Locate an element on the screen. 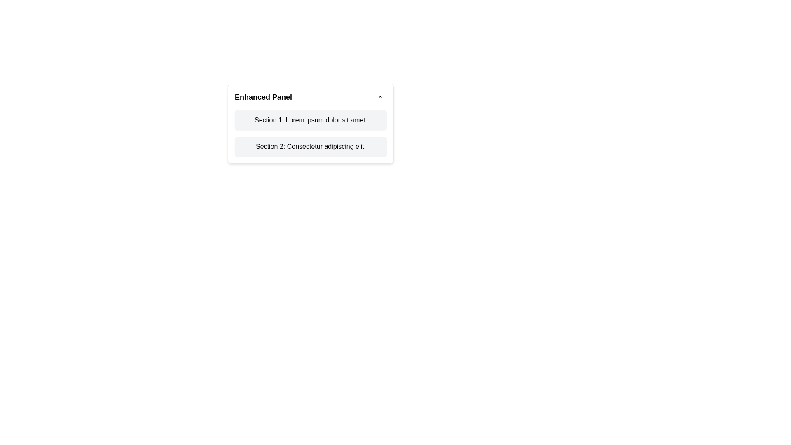 The height and width of the screenshot is (445, 791). the Text Label that serves as a header for the panel, located at the top-left corner of the panel, directly to the left of an interactive circular button is located at coordinates (263, 96).